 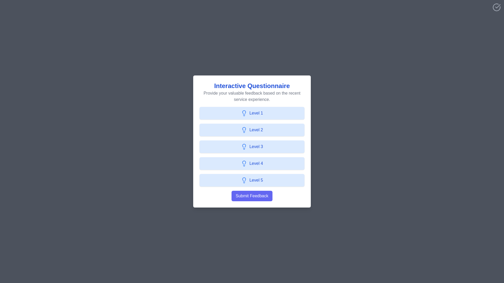 What do you see at coordinates (252, 130) in the screenshot?
I see `the feedback level button labeled Level 2` at bounding box center [252, 130].